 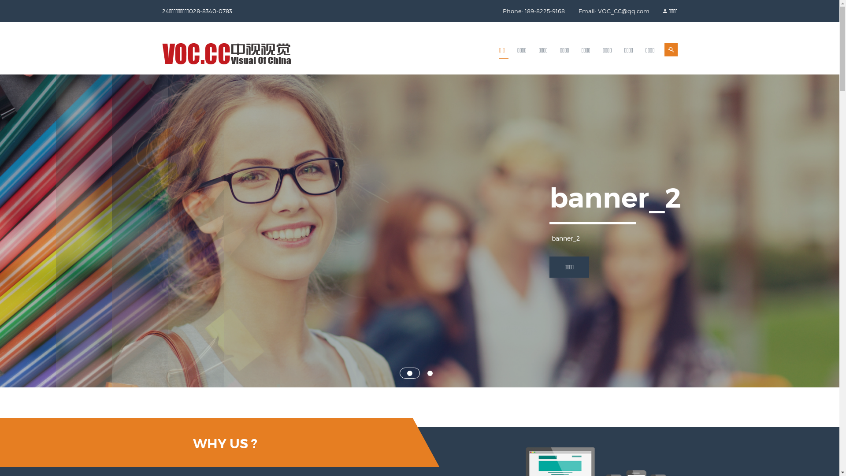 I want to click on '2', so click(x=430, y=373).